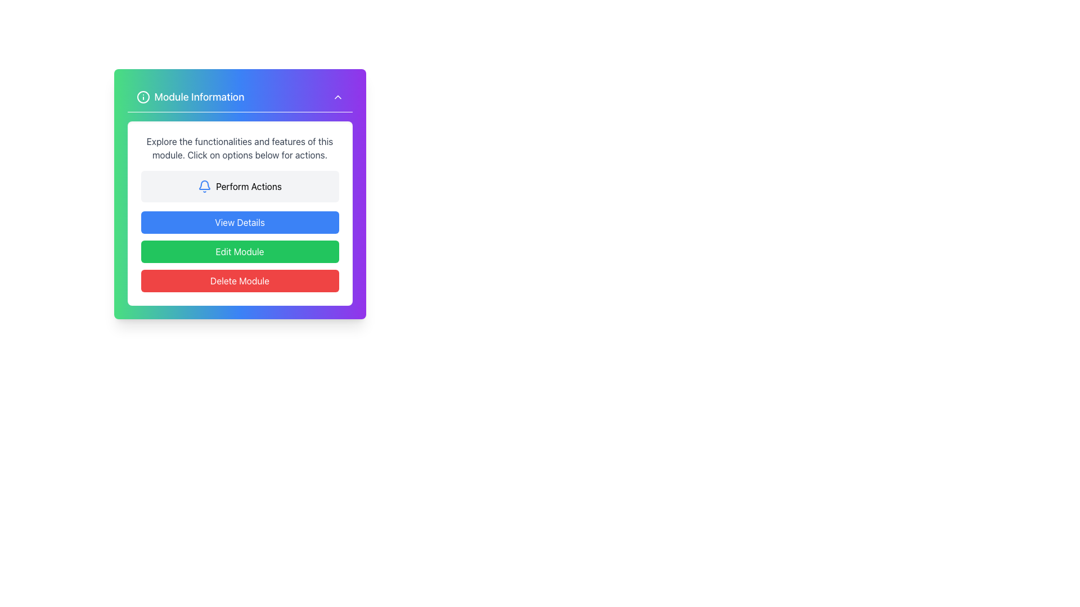 The image size is (1080, 607). I want to click on the second button in a vertical stack of three buttons, positioned below the blue 'View Details' button and above the red 'Delete Module' button, so click(239, 251).